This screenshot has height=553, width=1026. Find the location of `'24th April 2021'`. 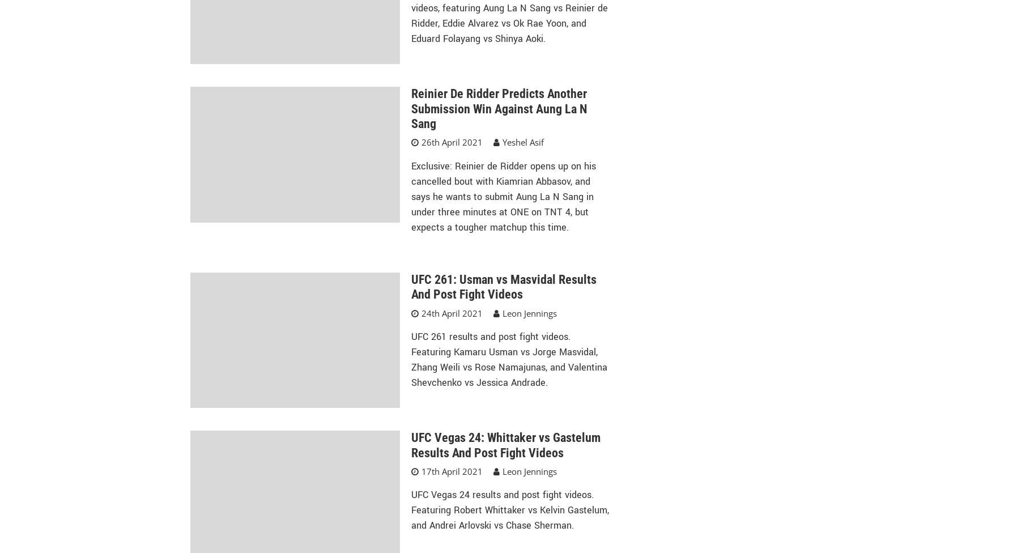

'24th April 2021' is located at coordinates (451, 313).